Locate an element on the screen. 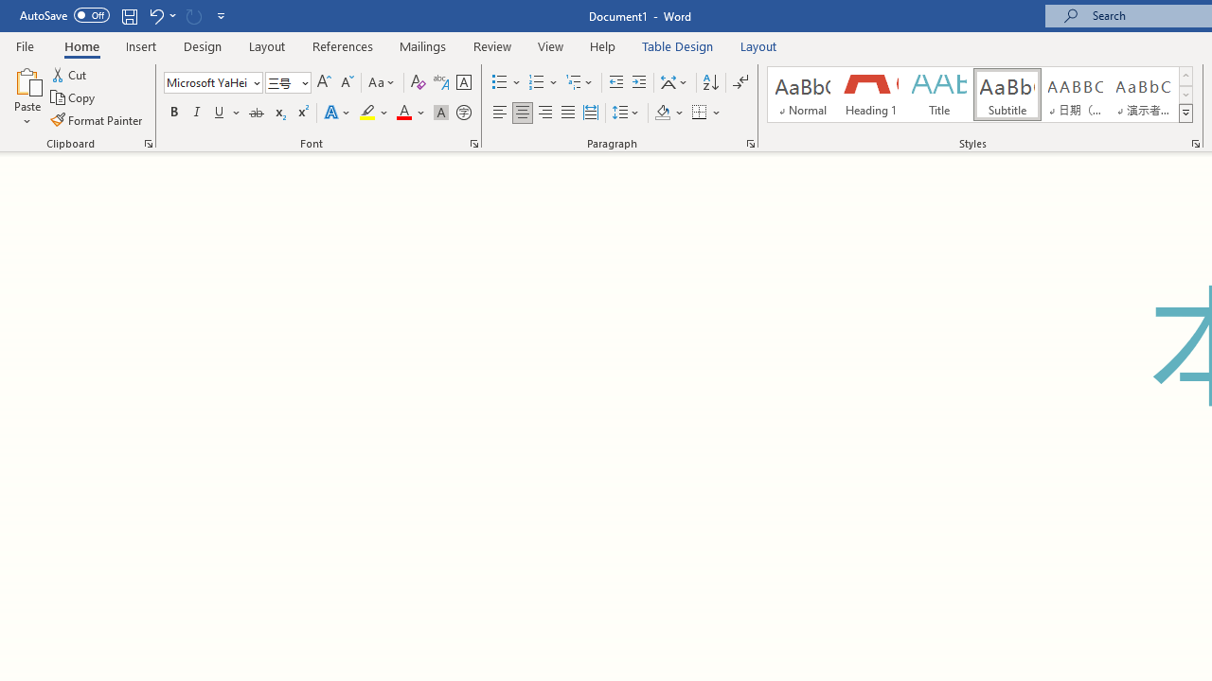 This screenshot has width=1212, height=681. 'AutoSave' is located at coordinates (64, 15).